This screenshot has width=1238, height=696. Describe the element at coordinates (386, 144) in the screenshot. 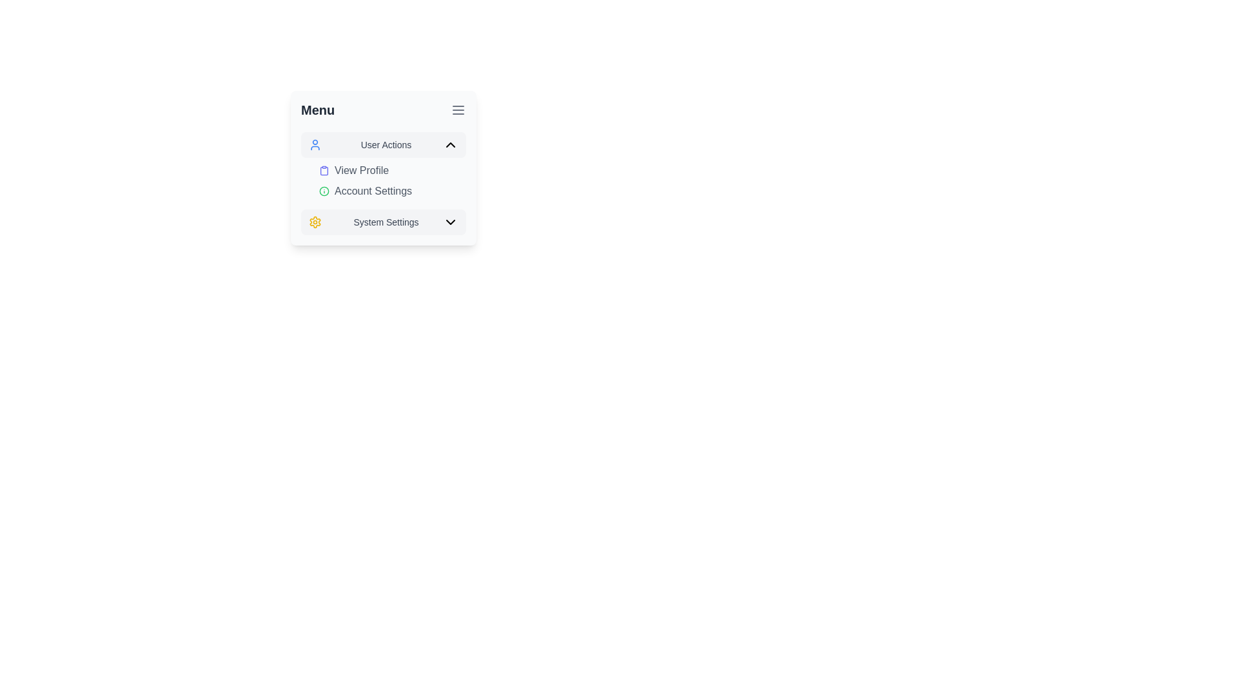

I see `the static text label displaying 'User Actions', which is positioned between the user icon on the left and the chevron icon on the right in a vertical navigation menu` at that location.